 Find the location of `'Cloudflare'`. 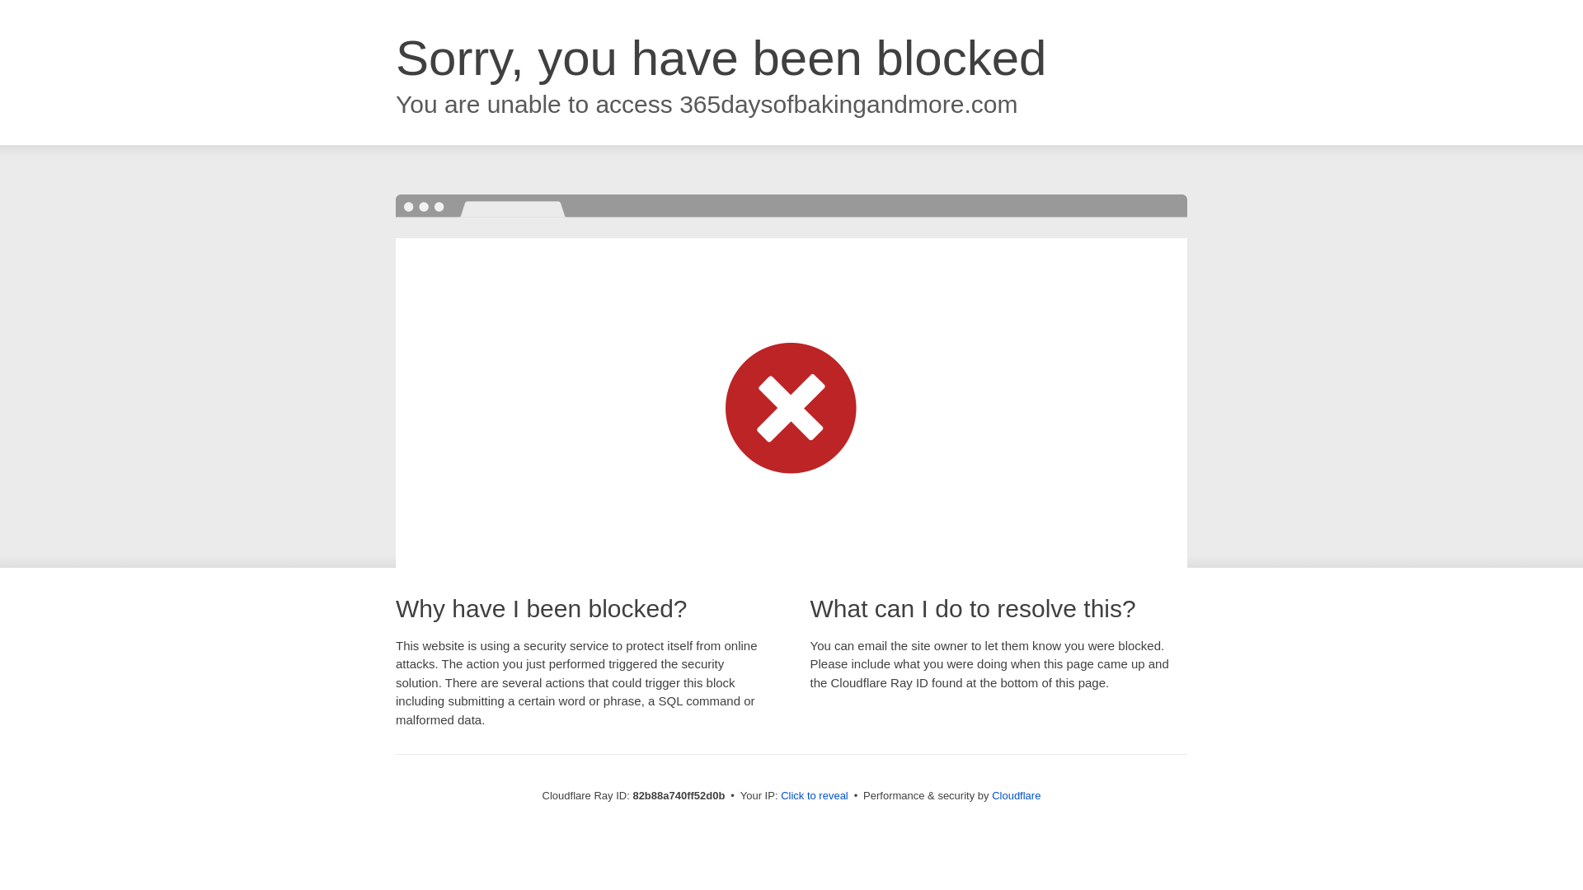

'Cloudflare' is located at coordinates (1015, 794).